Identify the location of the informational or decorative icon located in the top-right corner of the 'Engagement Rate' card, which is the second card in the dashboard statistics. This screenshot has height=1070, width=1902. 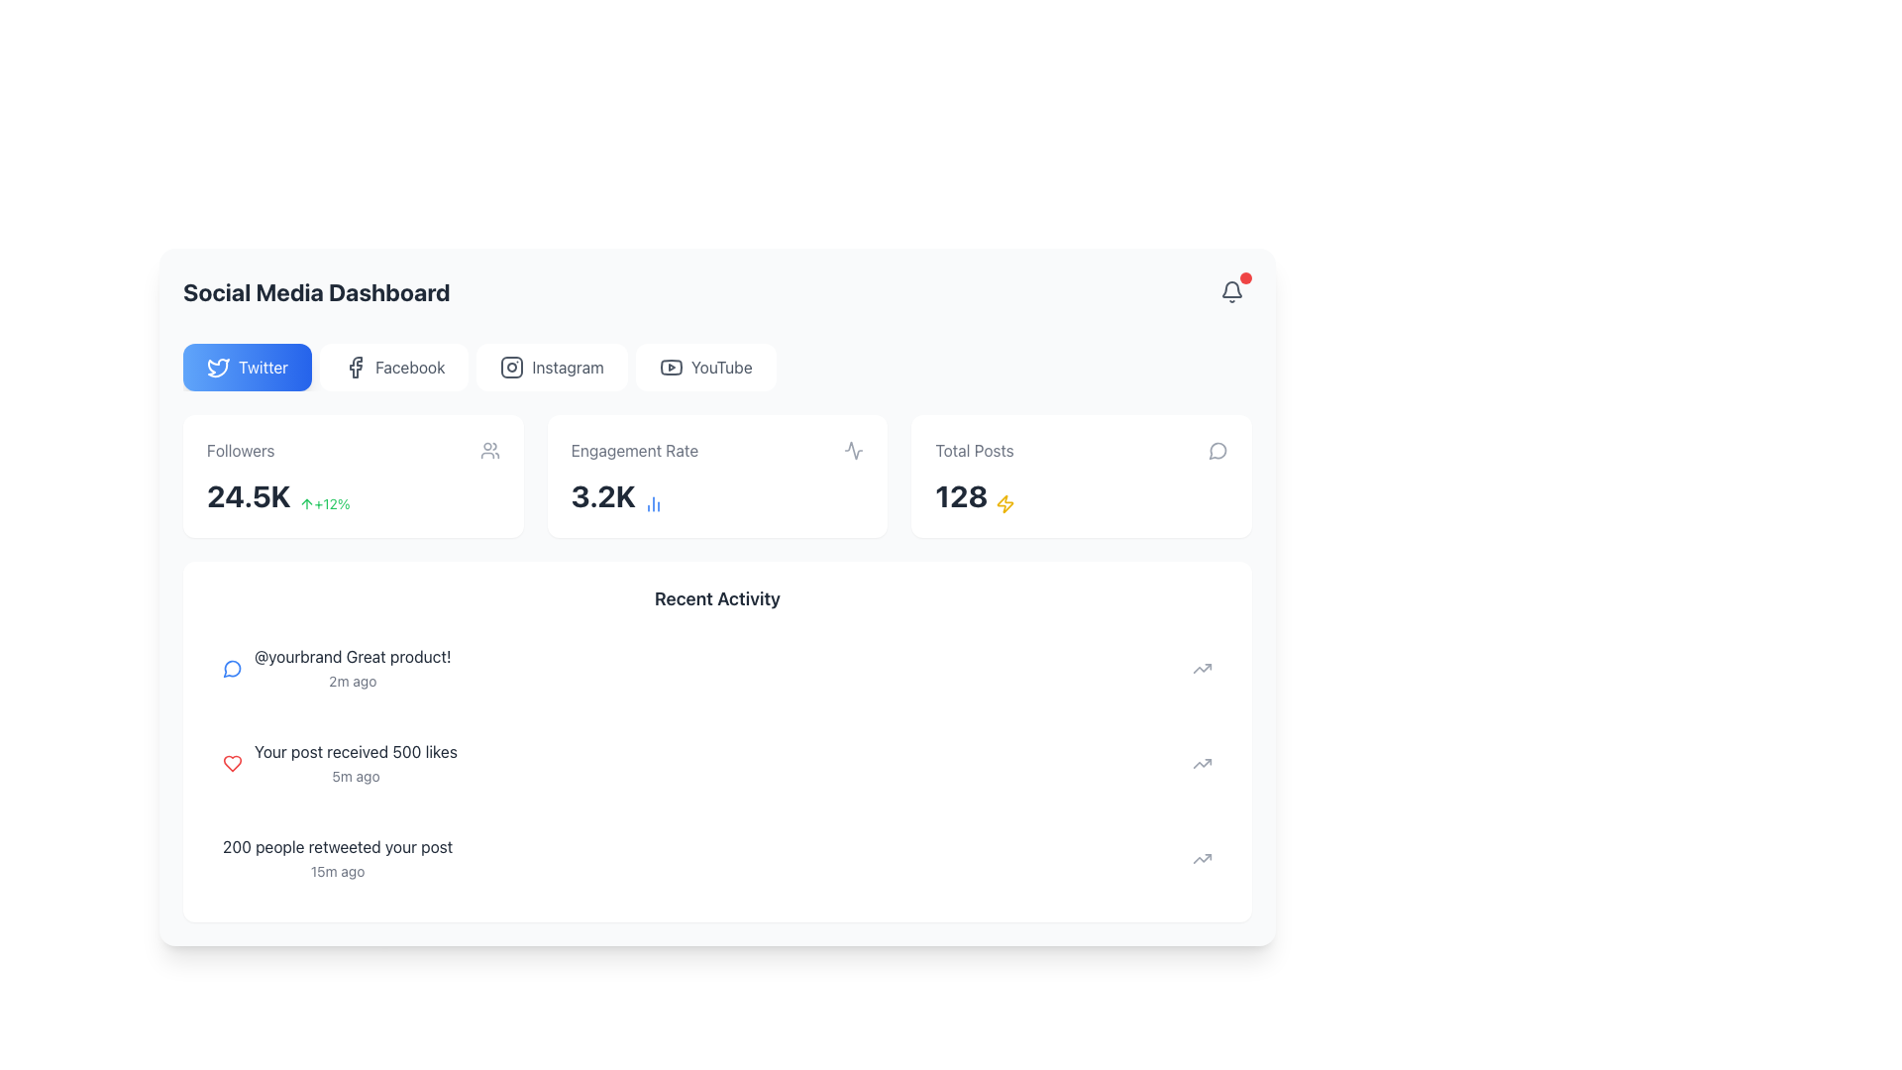
(854, 451).